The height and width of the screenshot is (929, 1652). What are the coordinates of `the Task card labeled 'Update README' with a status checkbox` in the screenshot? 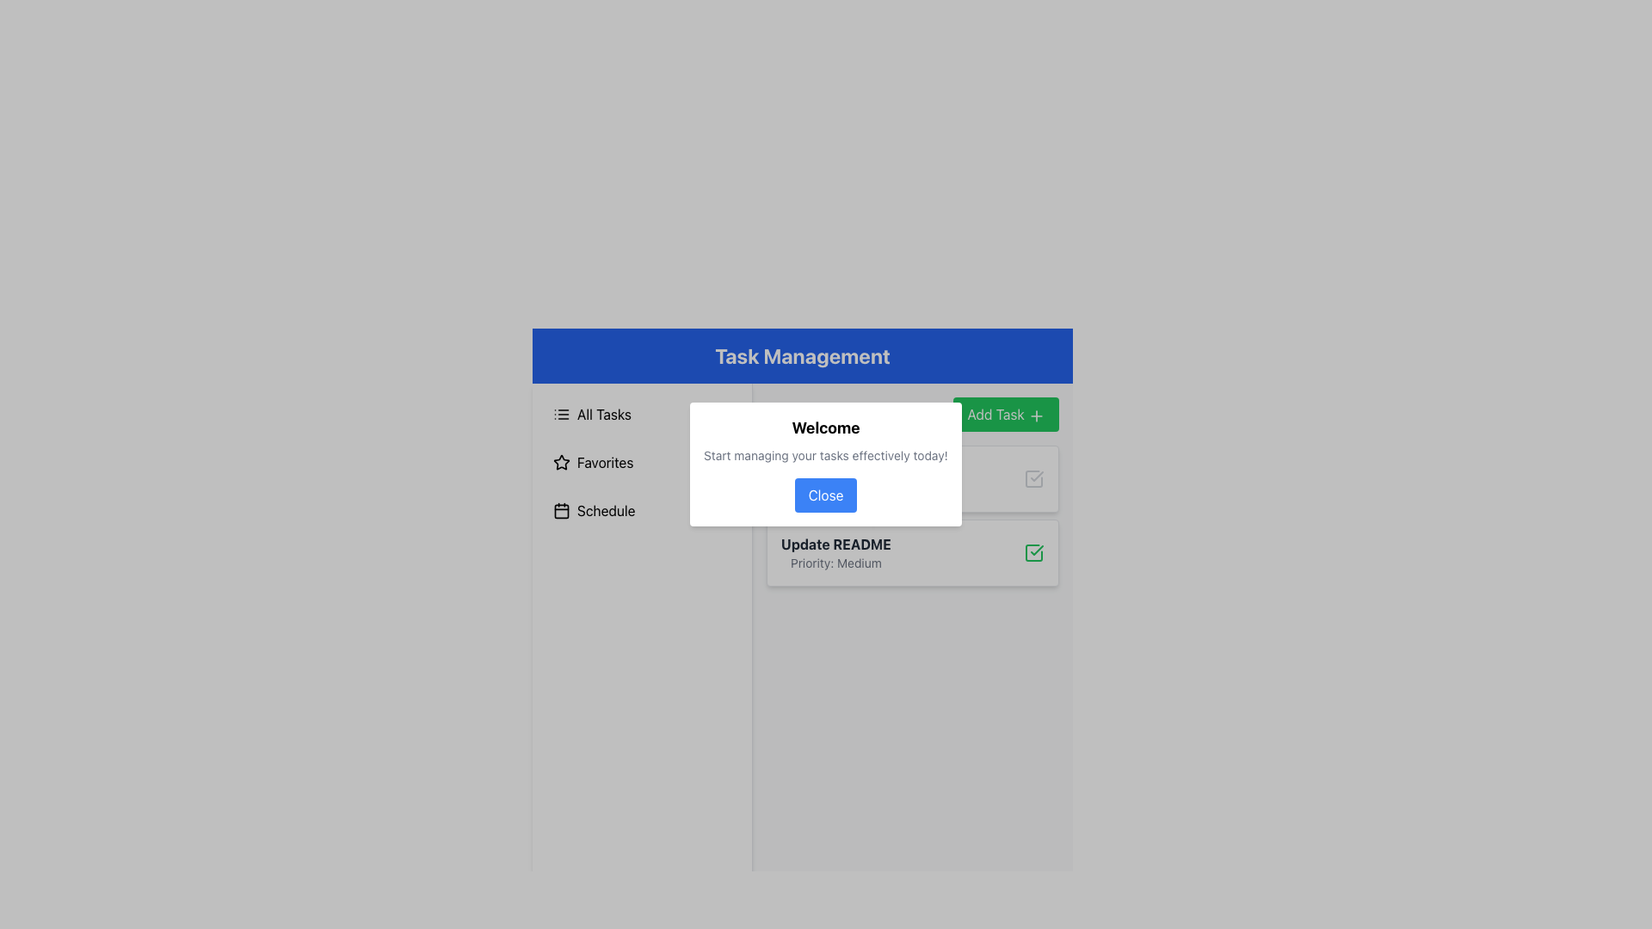 It's located at (911, 553).